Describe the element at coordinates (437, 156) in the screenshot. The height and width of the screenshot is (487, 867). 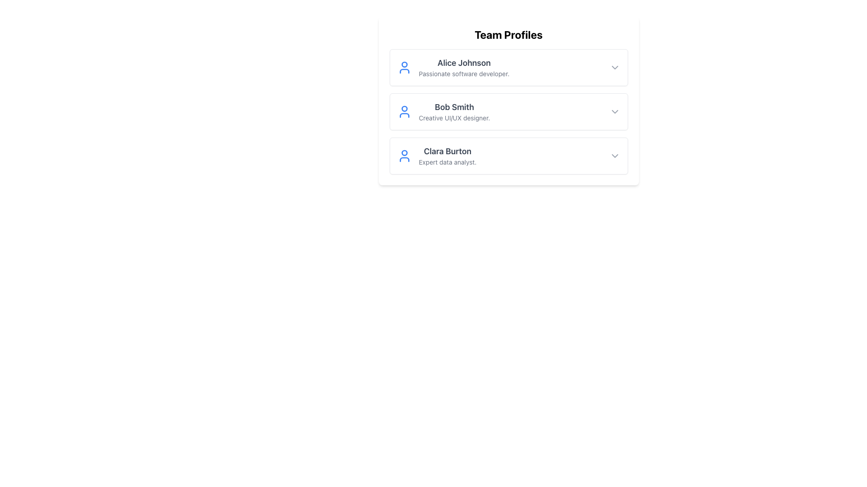
I see `the third profile item for Clara Burton, which displays her name and professional title within the Team Profiles section` at that location.